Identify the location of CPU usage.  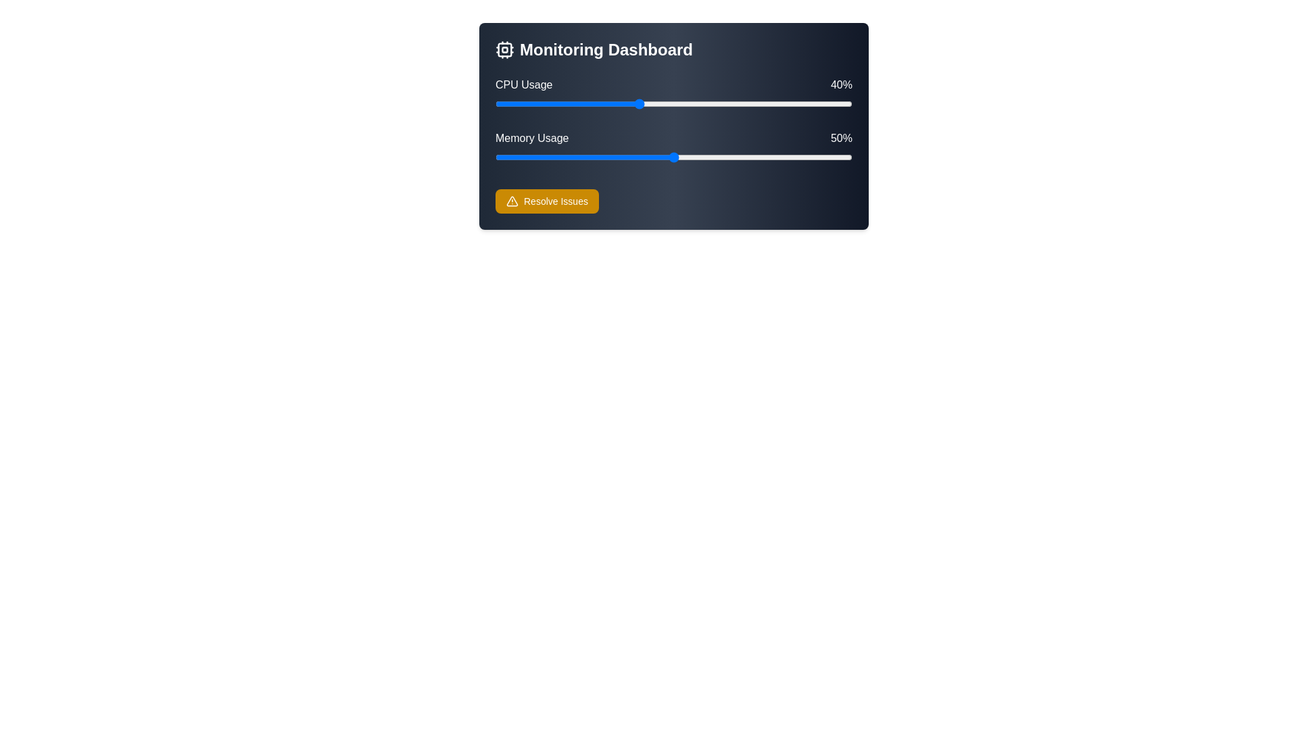
(741, 103).